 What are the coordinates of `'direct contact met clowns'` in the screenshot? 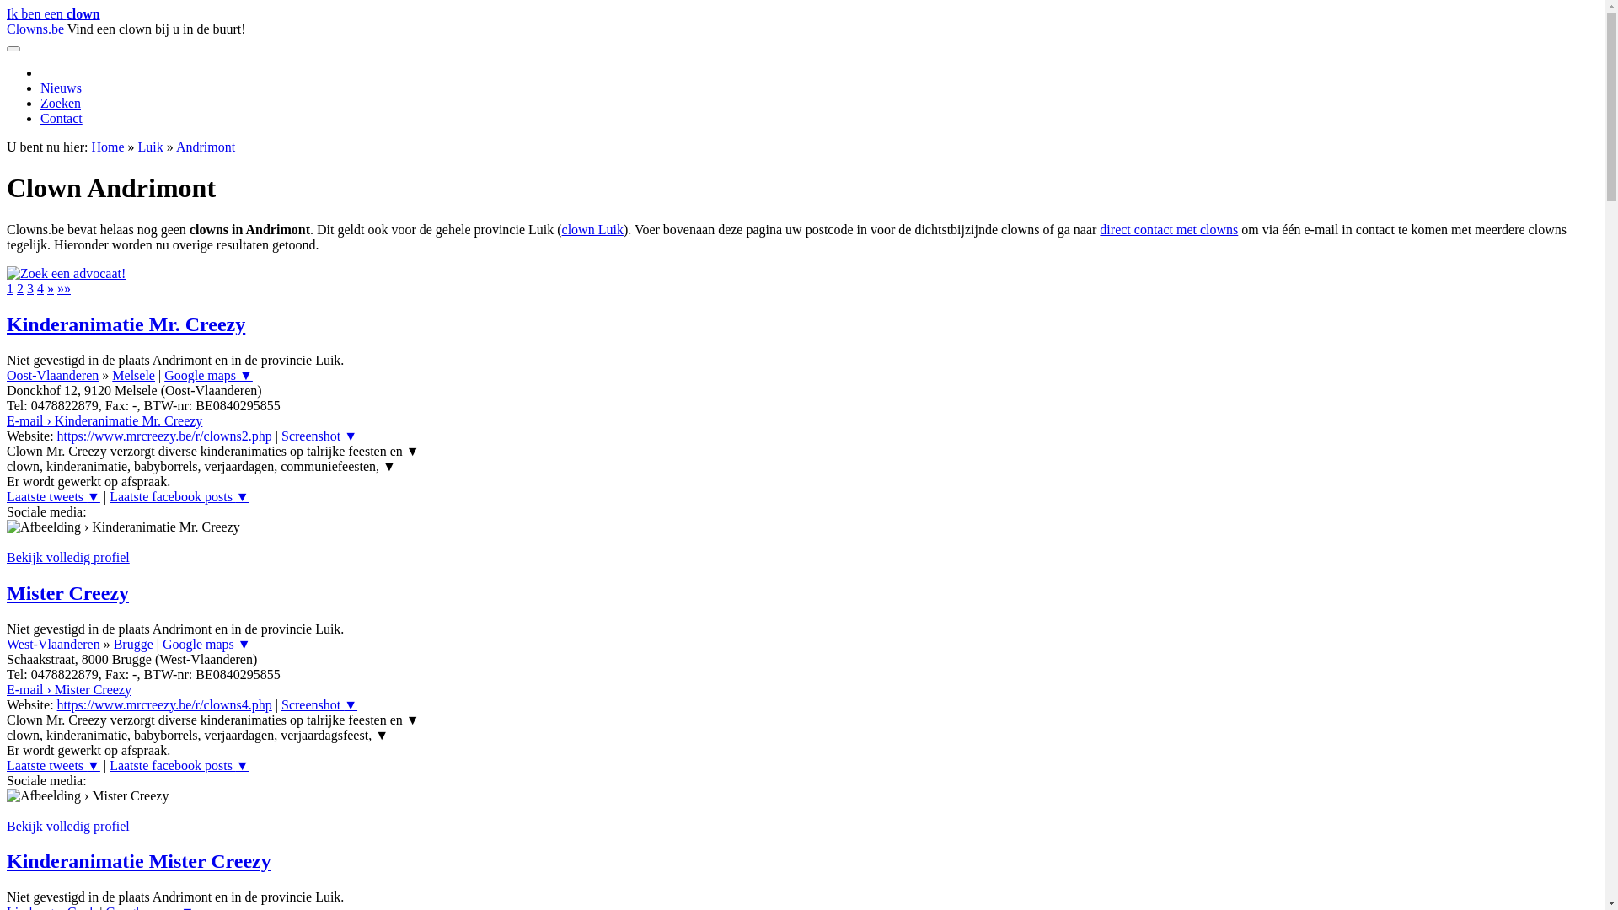 It's located at (1100, 229).